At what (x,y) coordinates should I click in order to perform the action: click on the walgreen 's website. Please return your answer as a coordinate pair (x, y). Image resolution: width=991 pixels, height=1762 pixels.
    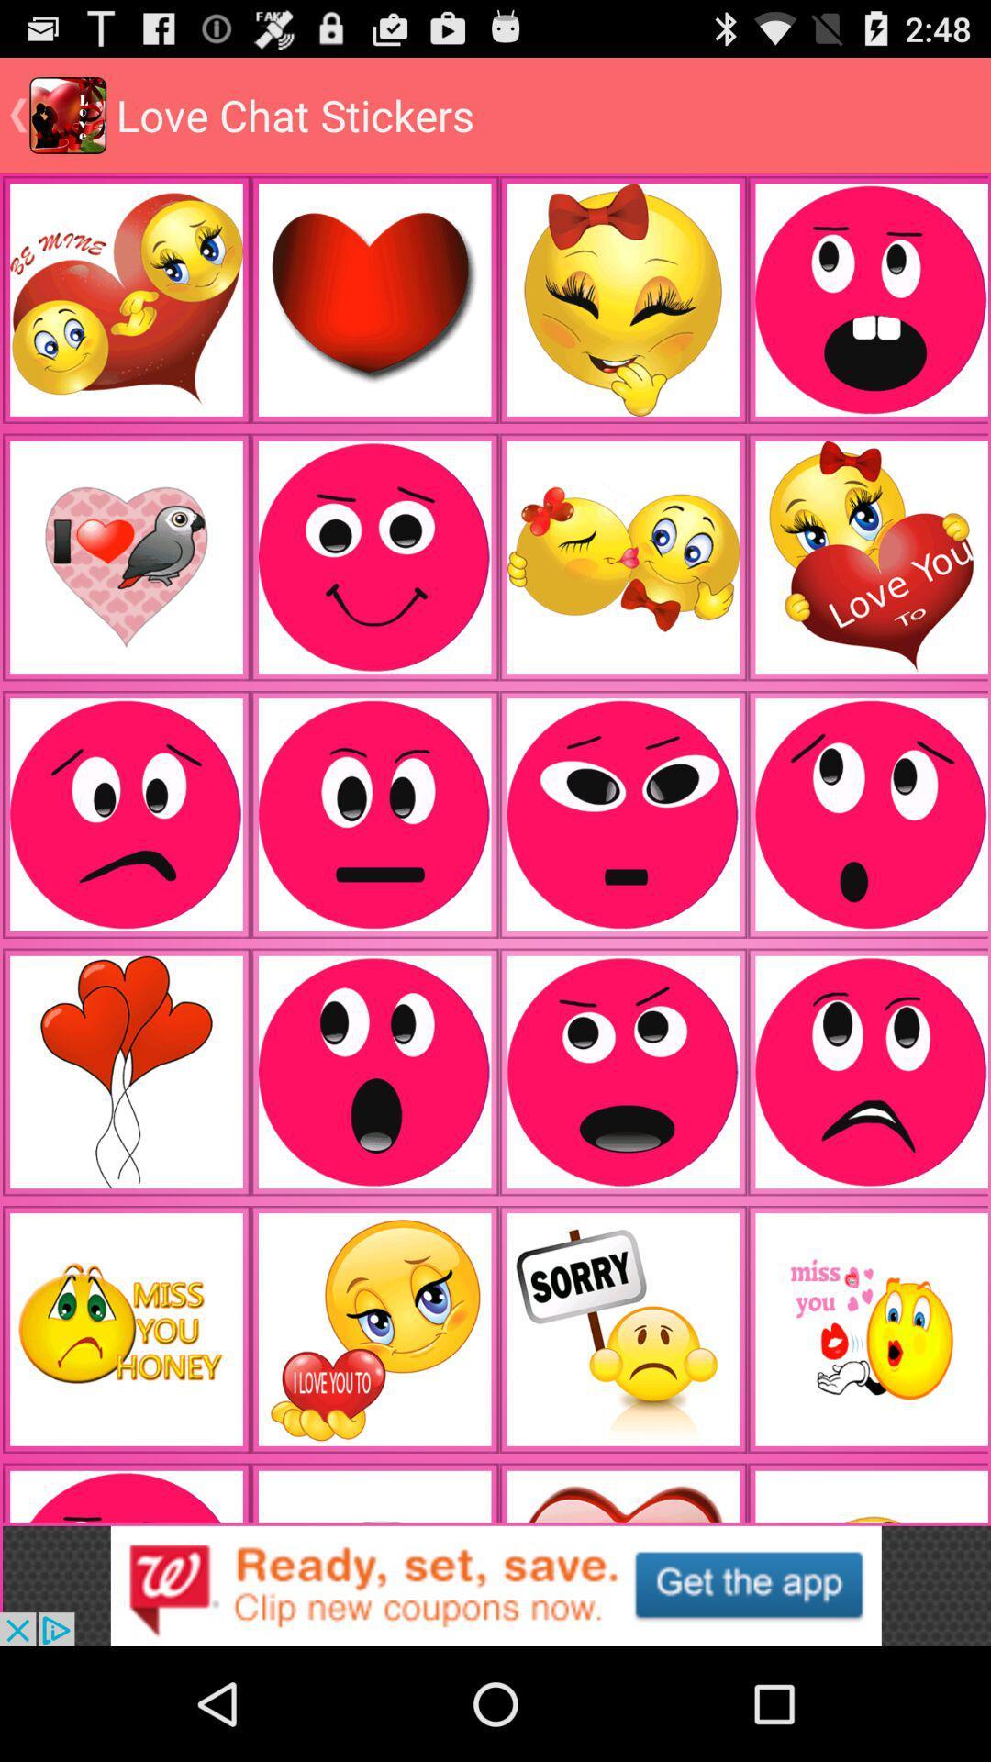
    Looking at the image, I should click on (495, 1585).